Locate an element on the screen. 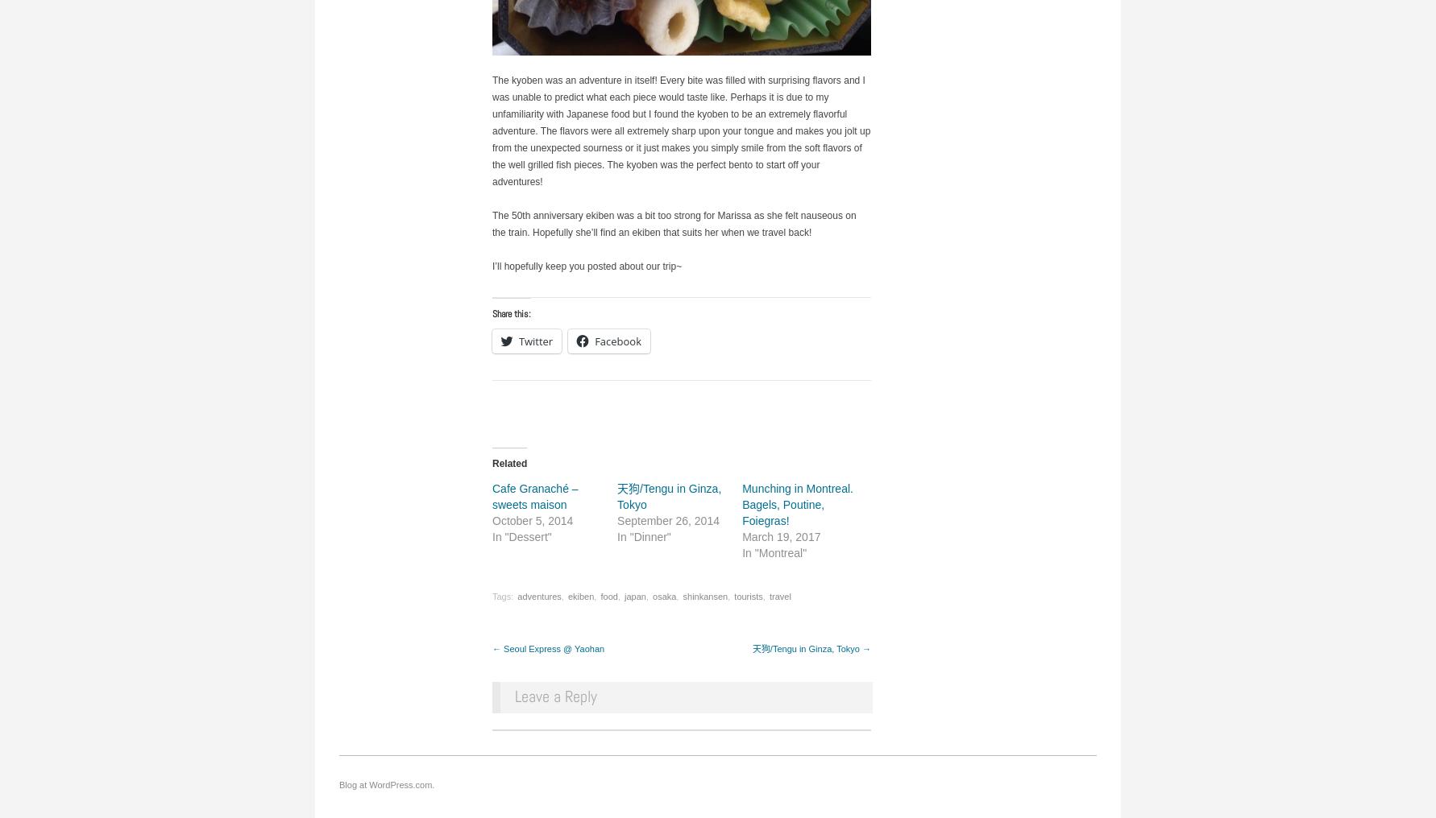  'Tags:' is located at coordinates (492, 595).